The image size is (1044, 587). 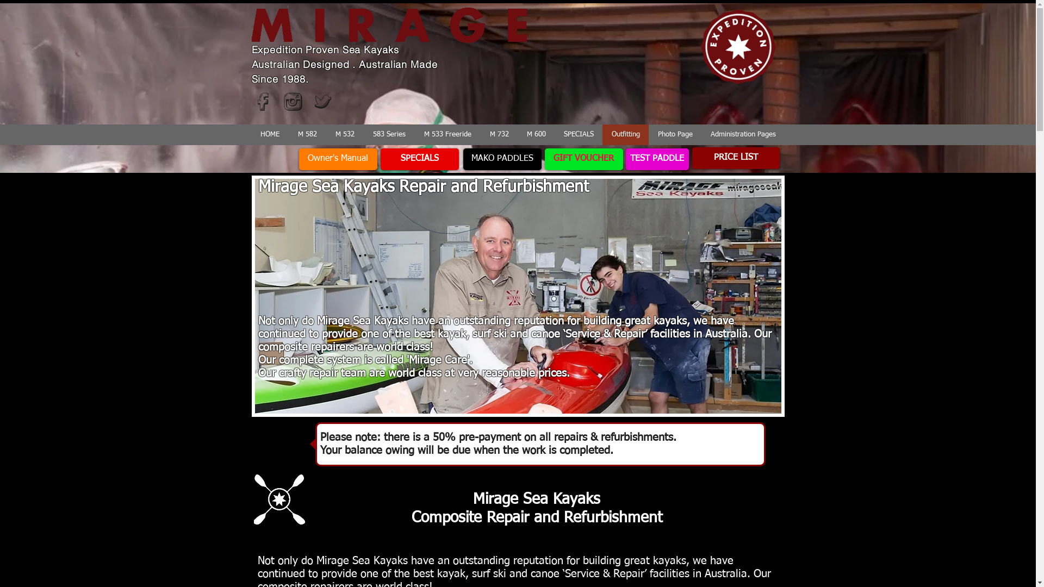 I want to click on 'SPECIALS', so click(x=419, y=159).